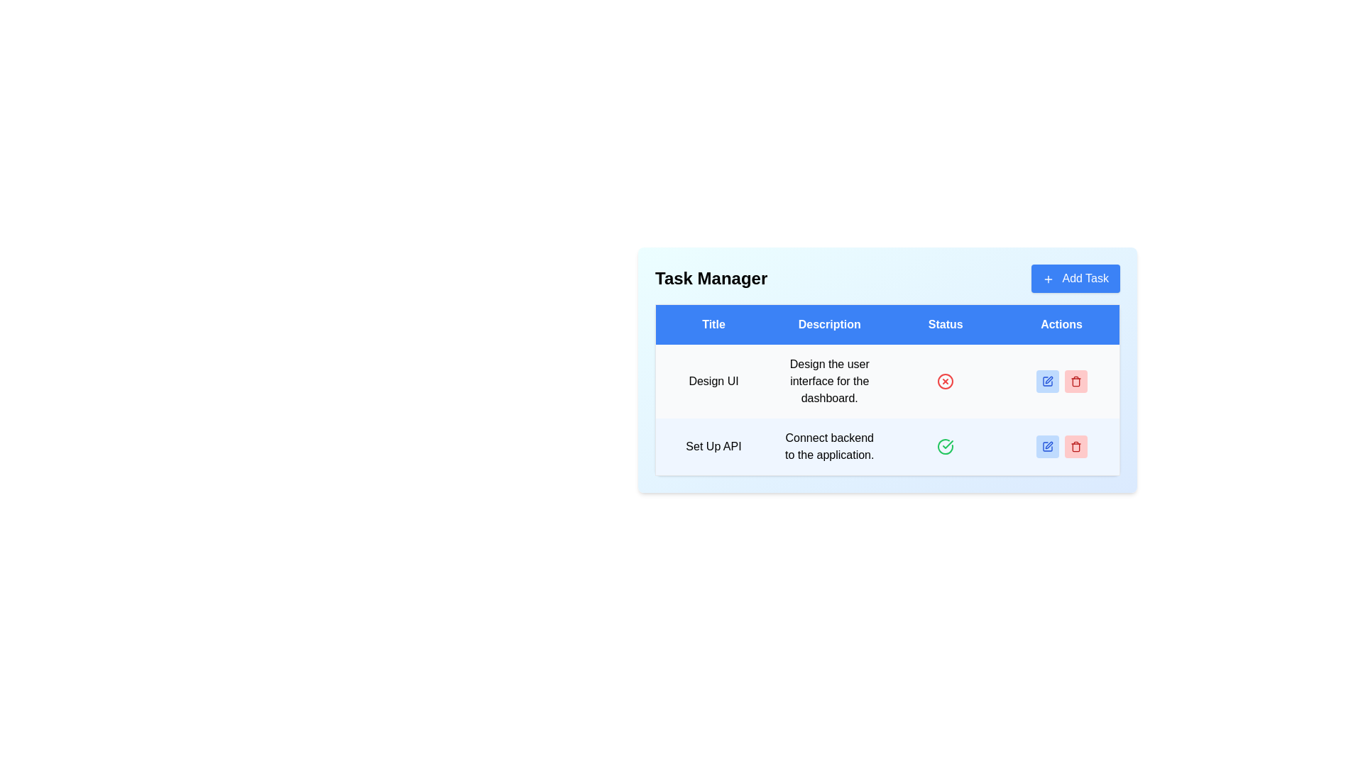 This screenshot has width=1363, height=766. I want to click on the header cell of the 'Title' column in the table, so click(713, 324).